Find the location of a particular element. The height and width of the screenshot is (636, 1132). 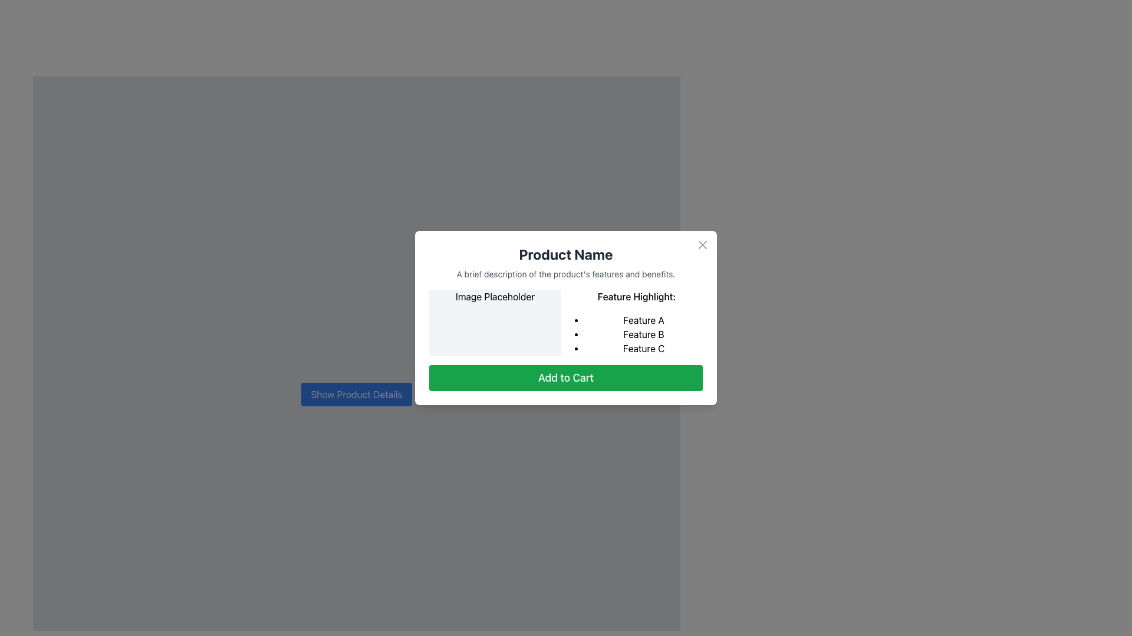

the bold and large text label displaying 'Product Name' located at the top of the card-like interface is located at coordinates (566, 254).